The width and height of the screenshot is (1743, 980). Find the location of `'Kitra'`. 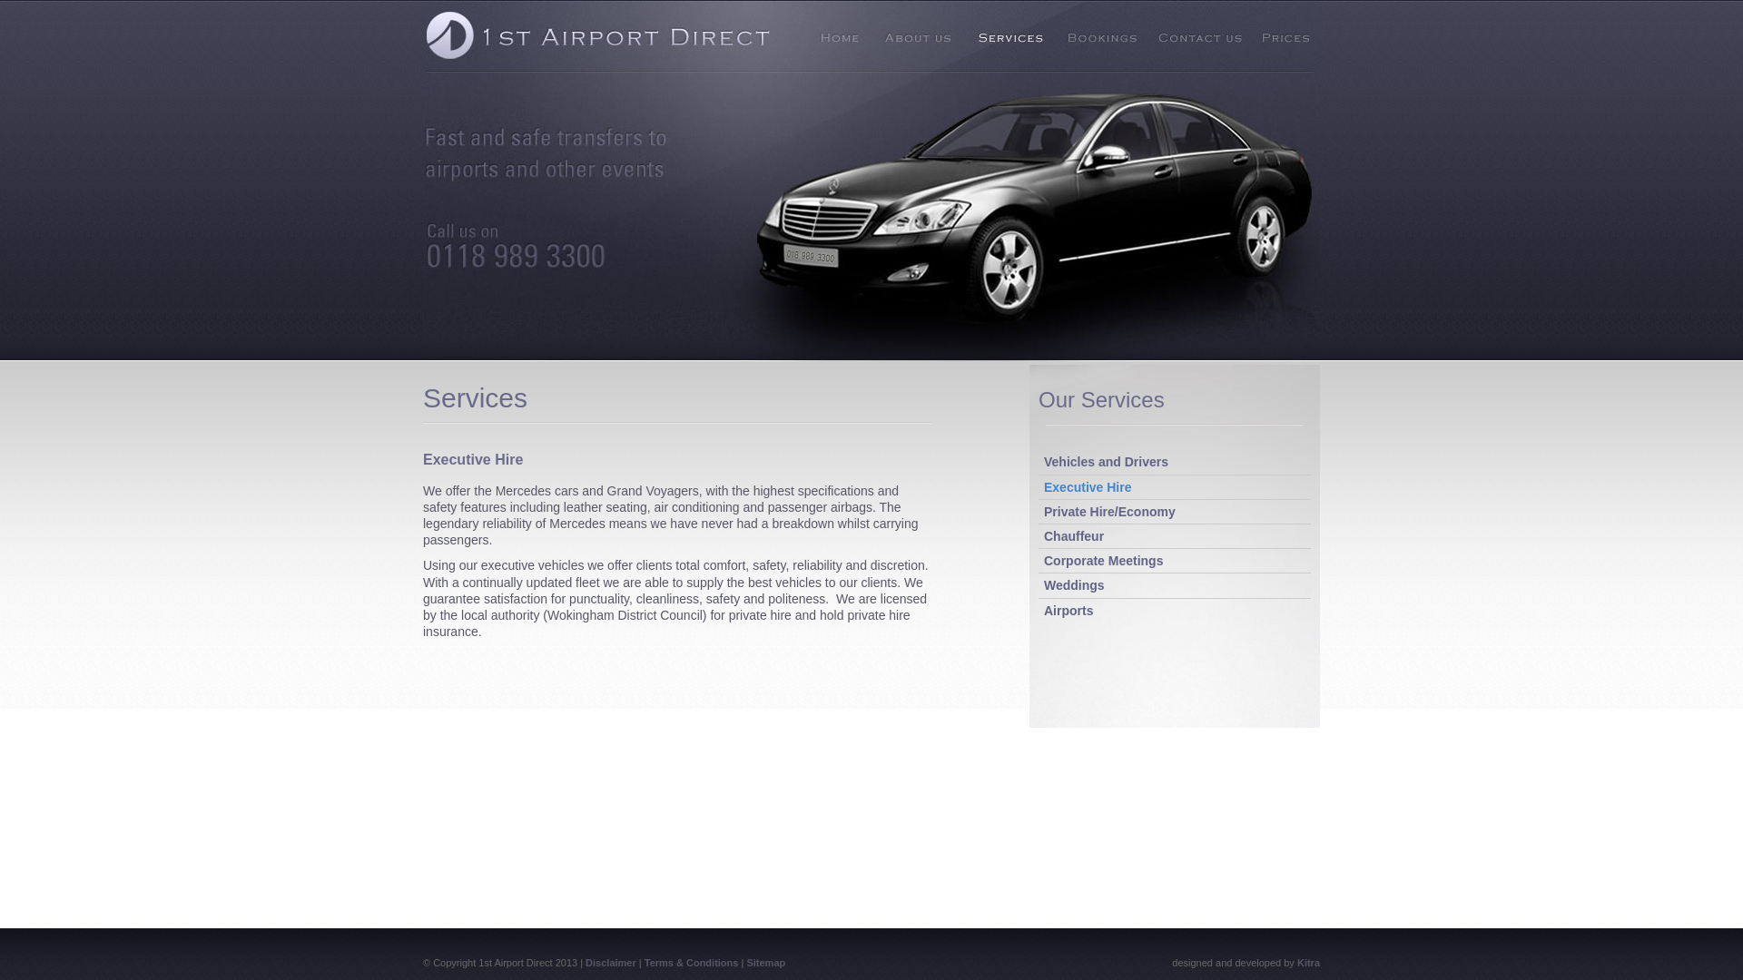

'Kitra' is located at coordinates (1296, 961).